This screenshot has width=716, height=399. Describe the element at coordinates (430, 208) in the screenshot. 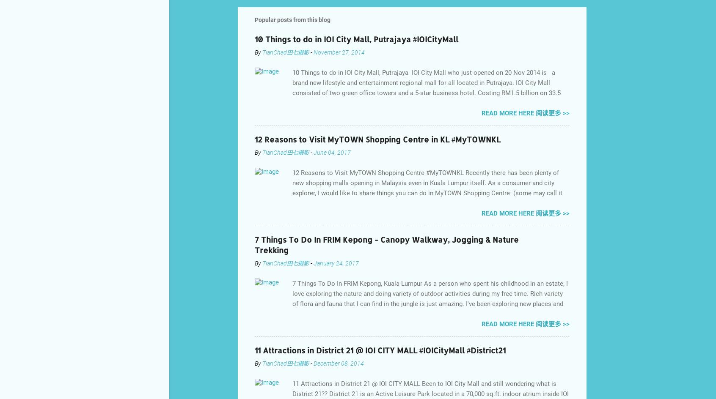

I see `'12 Reasons to Visit MyTOWN Shopping Centre #MyTOWNKL    Recently there has been plenty of new shopping malls opening in Malaysia even in Kuala Lumpur itself. As a consumer and city explorer, I would like to share things you can do in MyTOWN Shopping Centre  (some may call it MyTOWN Shopping Mall), there are a few vivid reasons for you to visit this shopping mall in town.      MyTOWN Shopping Centre Main Concierge Area    MyTOWN Shopping Centre  , spans the size of 20 football fields and is located in the heart of Kuala Lumpur. Anchor tenants include the biggest IKEA in Malaysia, Parkson Department Store, Golden Screen Cinemas, Village Grocer, H&M, Food Empire, the largest ZARA in Malaysia and the country’s first flagship Best store.'` at that location.